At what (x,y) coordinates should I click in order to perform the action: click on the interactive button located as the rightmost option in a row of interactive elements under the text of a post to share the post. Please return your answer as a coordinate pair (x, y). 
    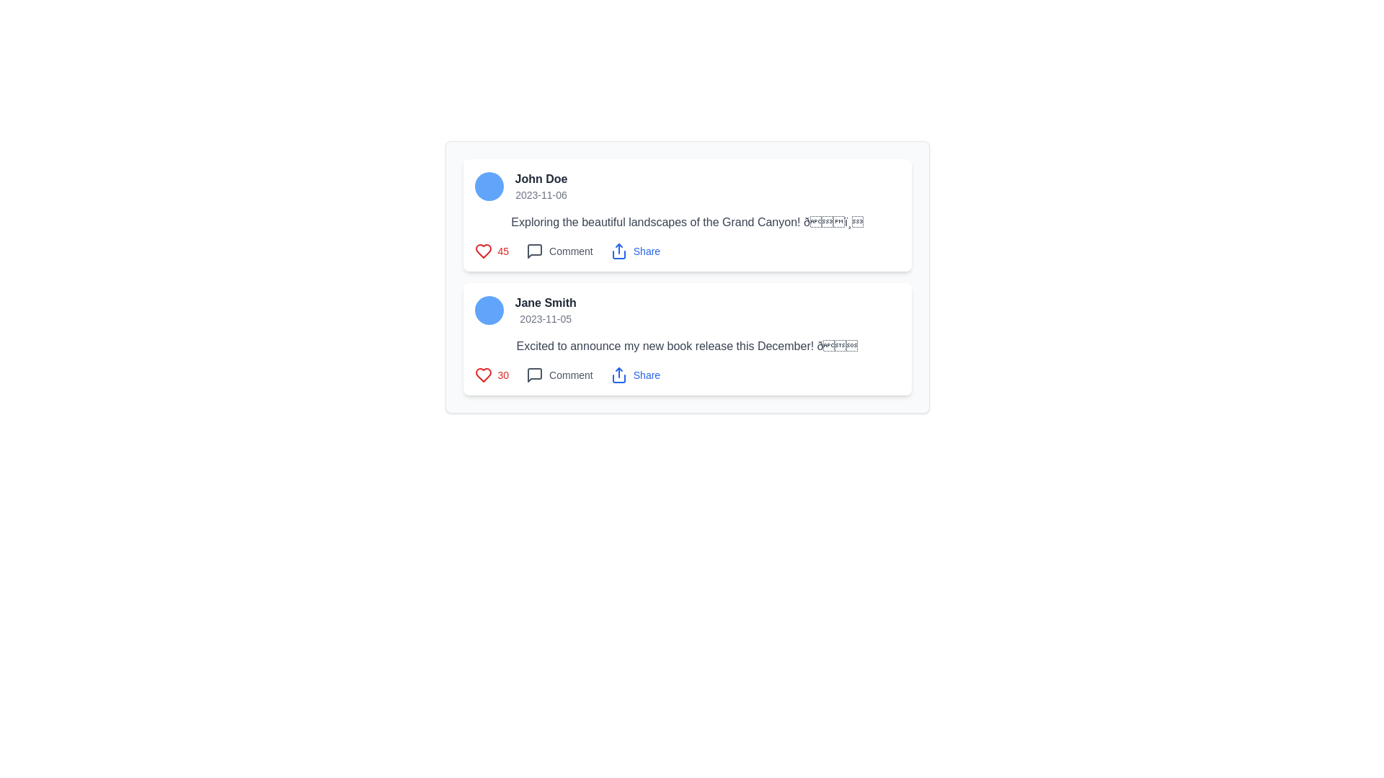
    Looking at the image, I should click on (634, 250).